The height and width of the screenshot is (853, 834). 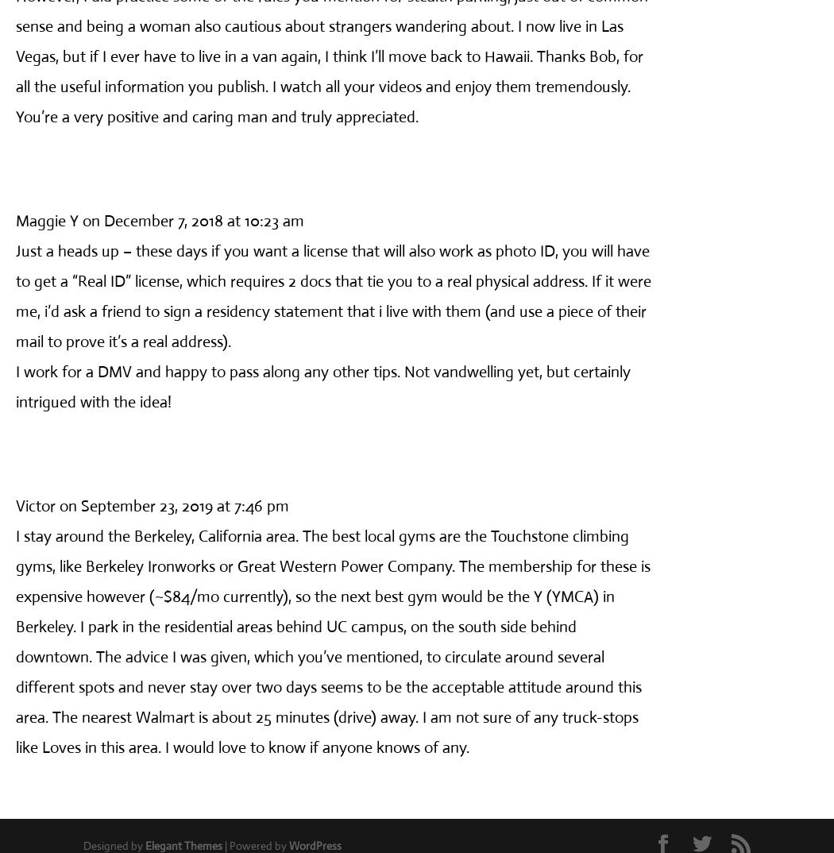 I want to click on 'Maggie Y', so click(x=15, y=220).